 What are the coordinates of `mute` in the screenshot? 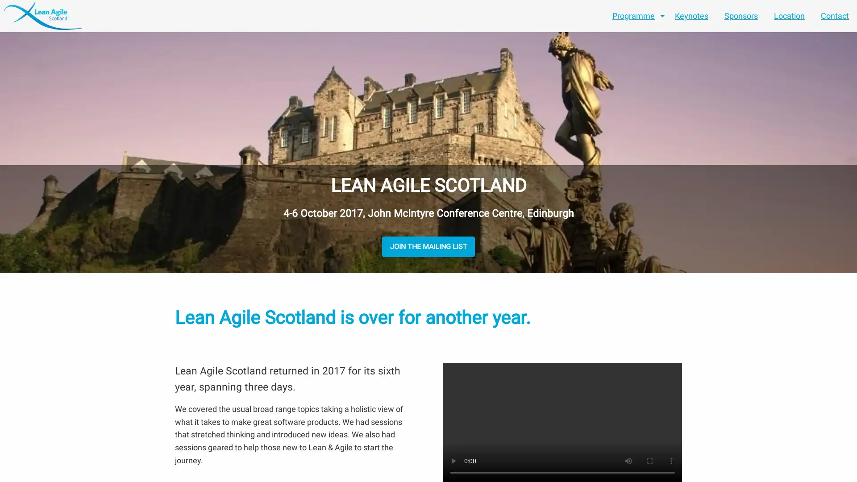 It's located at (628, 461).